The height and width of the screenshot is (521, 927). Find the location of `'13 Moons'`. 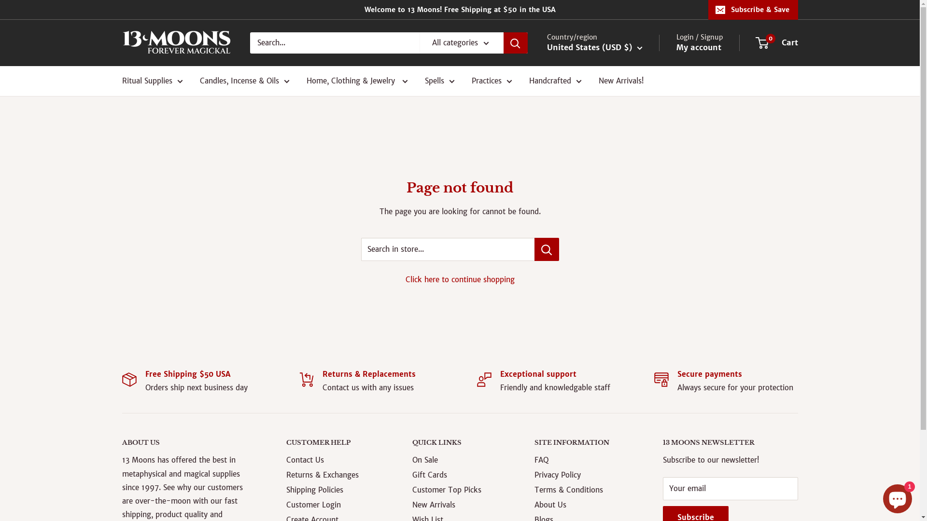

'13 Moons' is located at coordinates (176, 42).